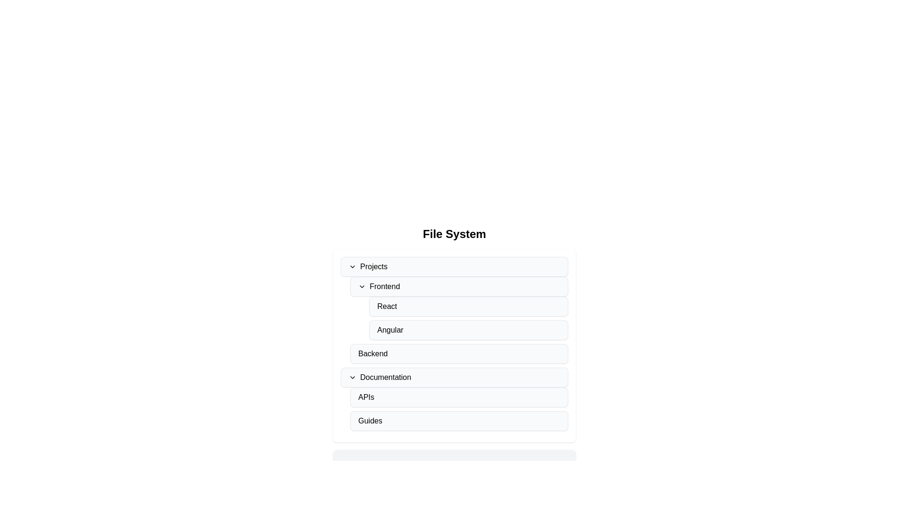  Describe the element at coordinates (454, 399) in the screenshot. I see `the button located in the 'Documentation' section, positioned between the 'Documentation' button above and the 'Guides' button below` at that location.